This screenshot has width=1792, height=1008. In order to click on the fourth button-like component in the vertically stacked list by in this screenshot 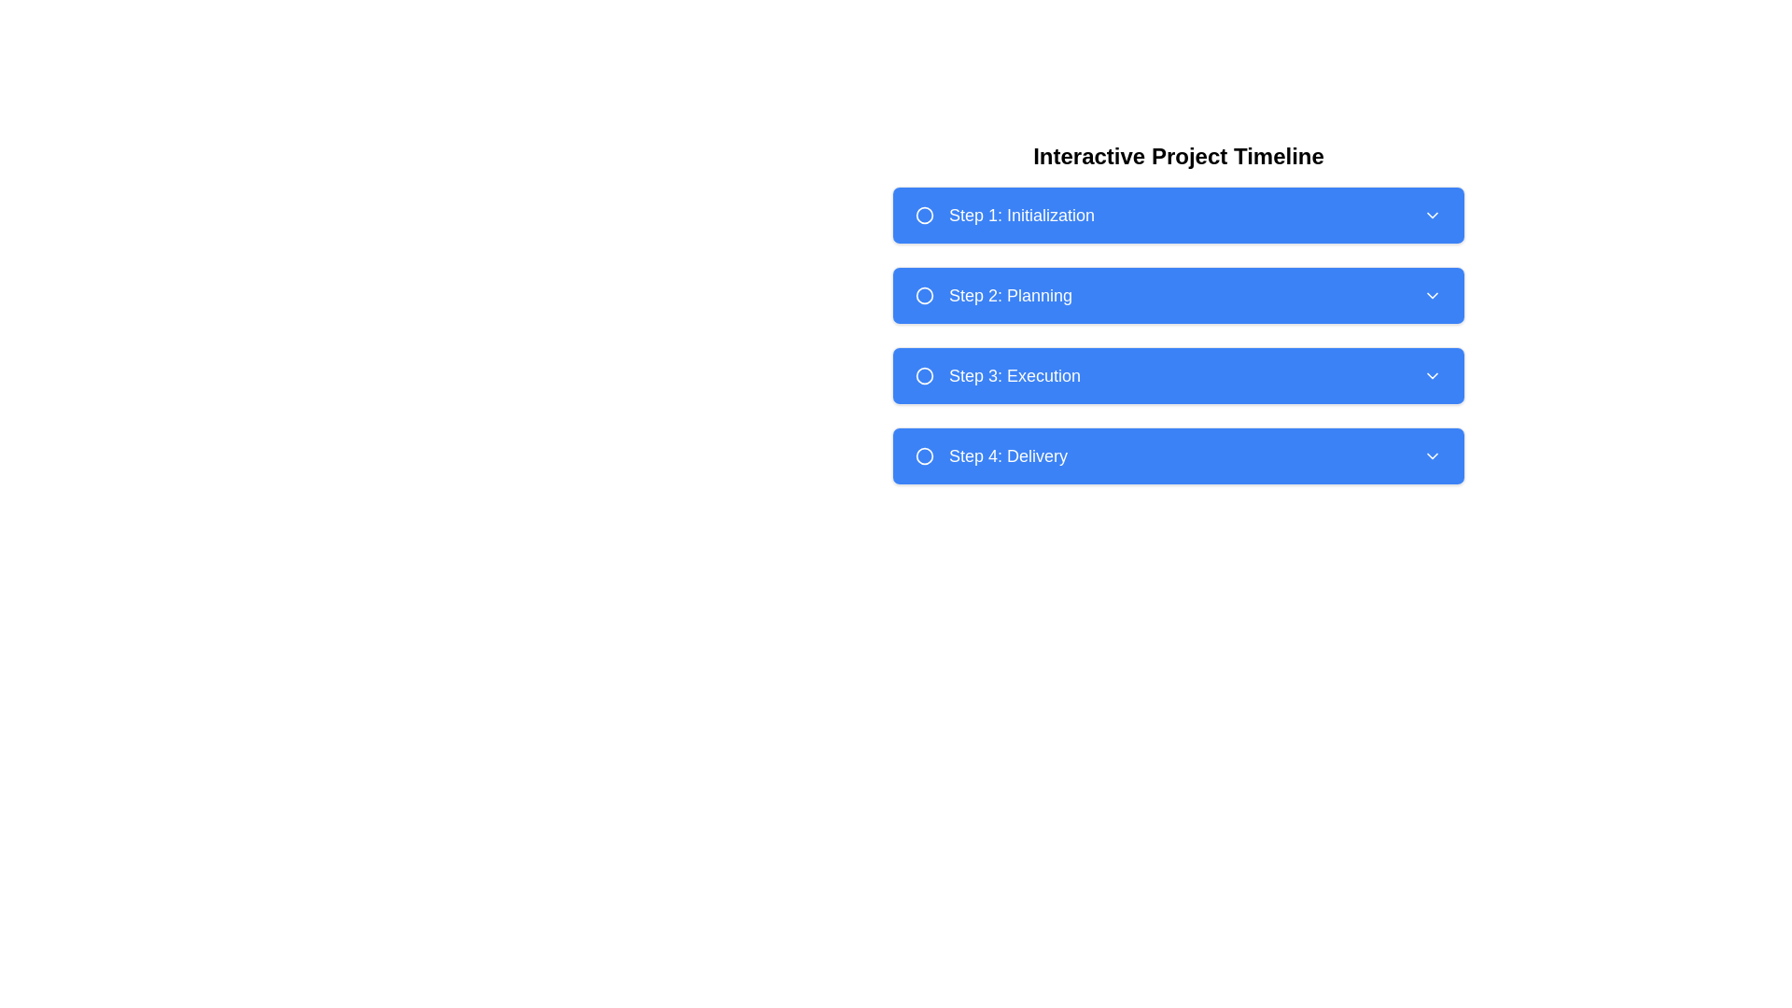, I will do `click(1177, 456)`.